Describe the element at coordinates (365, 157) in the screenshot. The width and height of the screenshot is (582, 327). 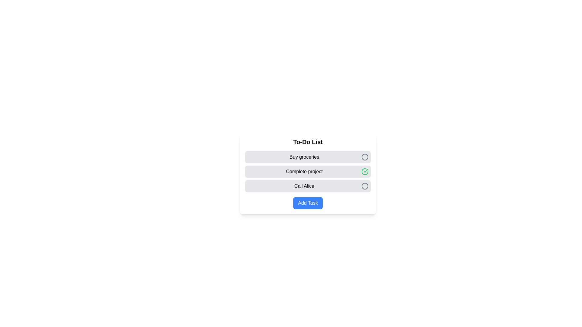
I see `the circular icon located next to the 'Buy groceries' text in the to-do list` at that location.